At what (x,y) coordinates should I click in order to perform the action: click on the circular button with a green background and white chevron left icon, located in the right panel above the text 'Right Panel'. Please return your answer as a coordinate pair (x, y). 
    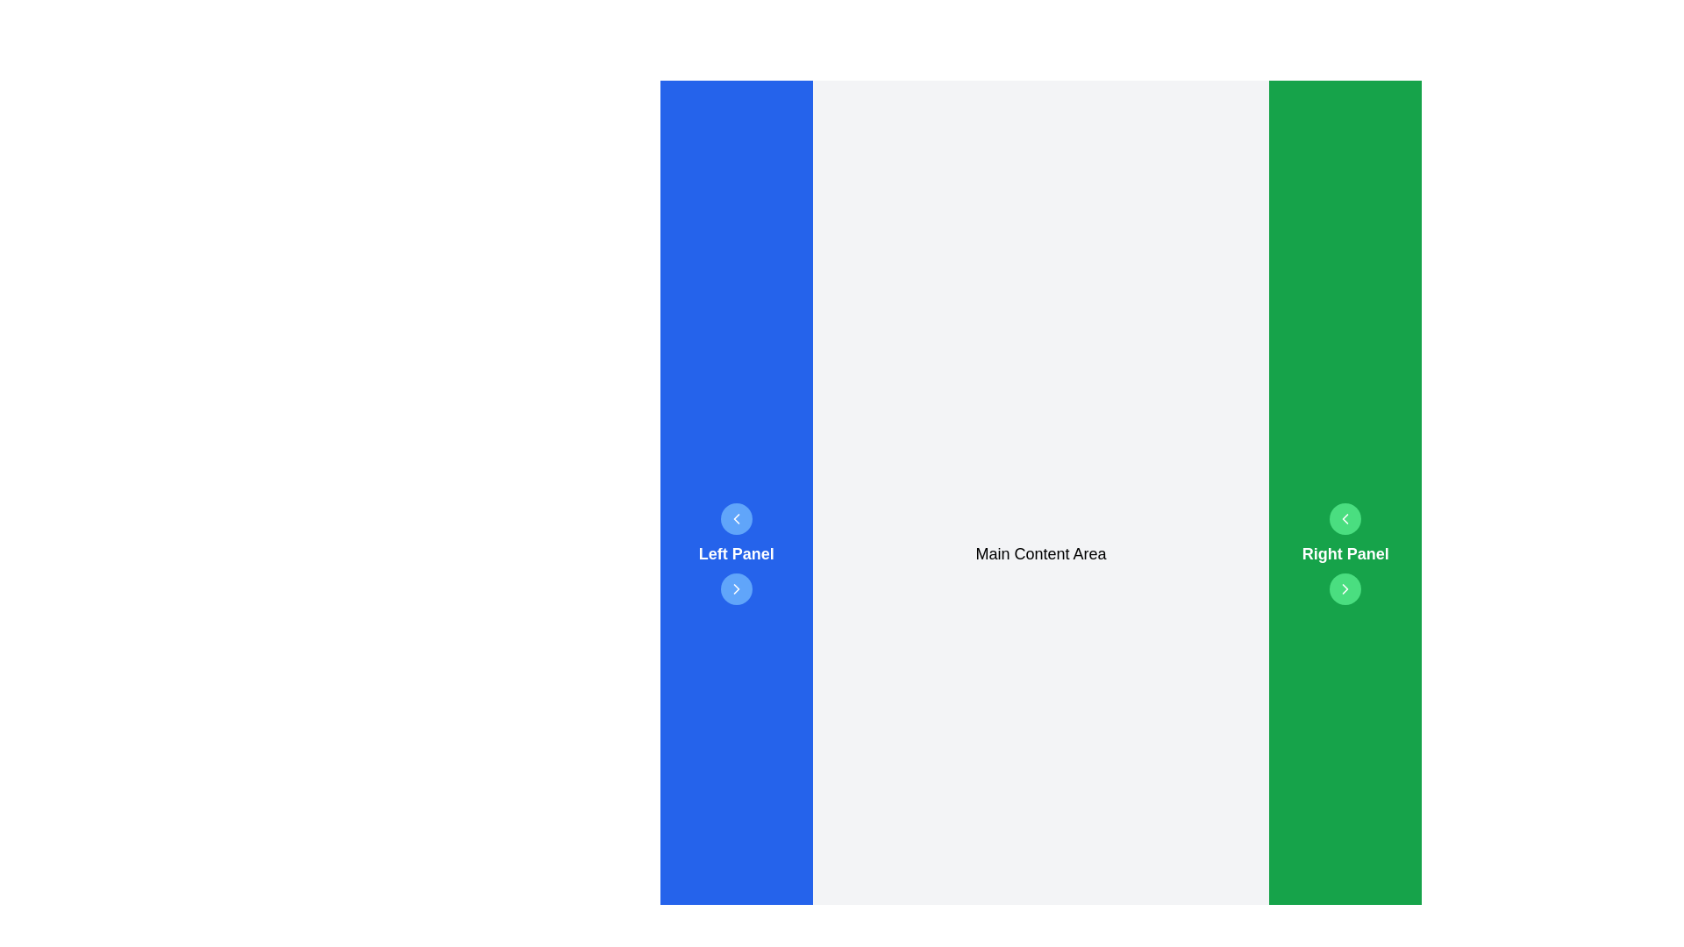
    Looking at the image, I should click on (1345, 517).